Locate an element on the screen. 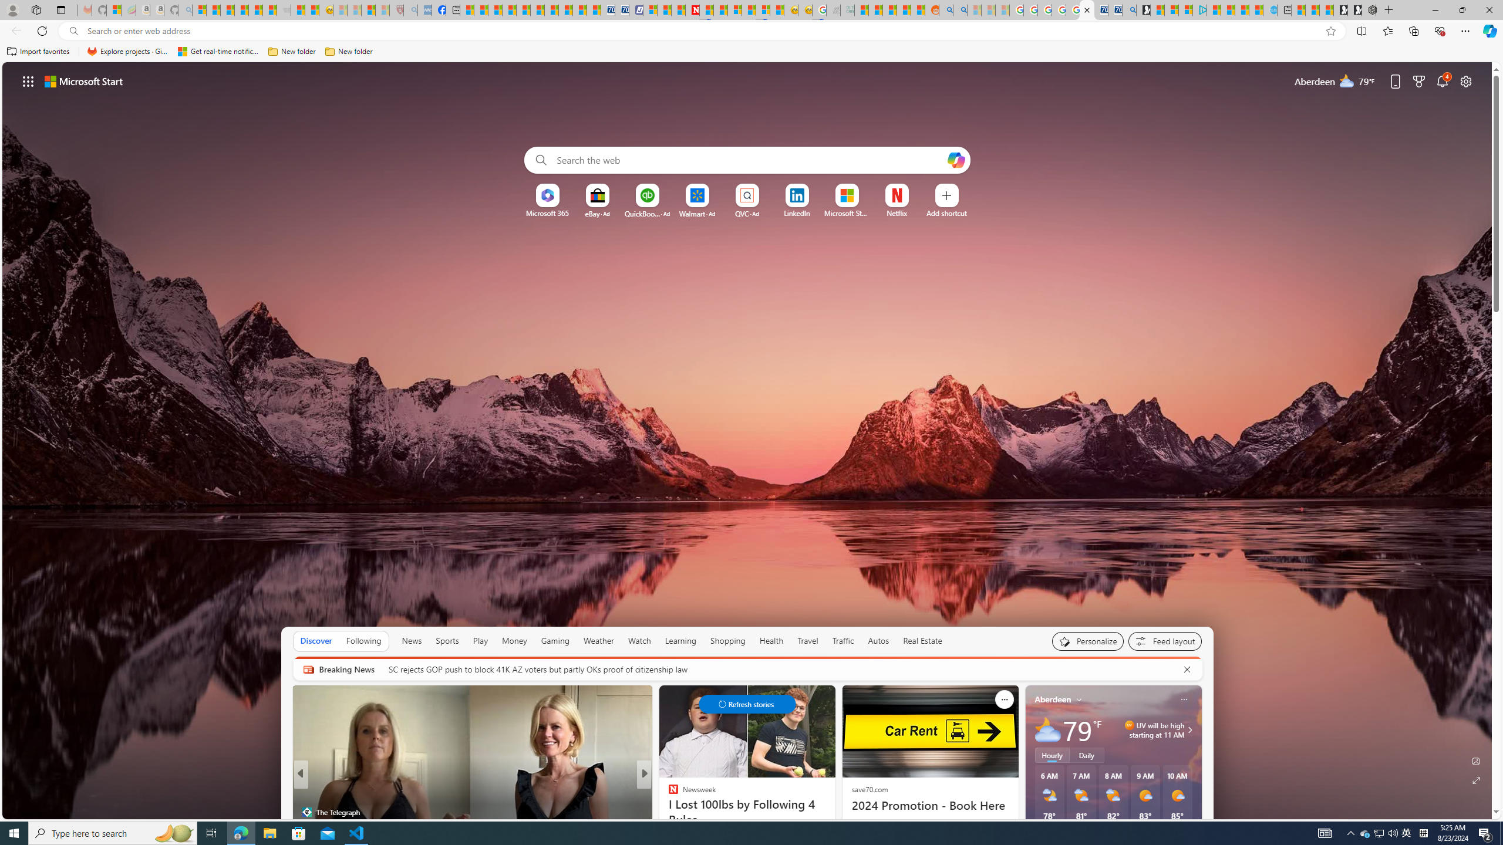 The width and height of the screenshot is (1503, 845). 'Learning' is located at coordinates (680, 640).